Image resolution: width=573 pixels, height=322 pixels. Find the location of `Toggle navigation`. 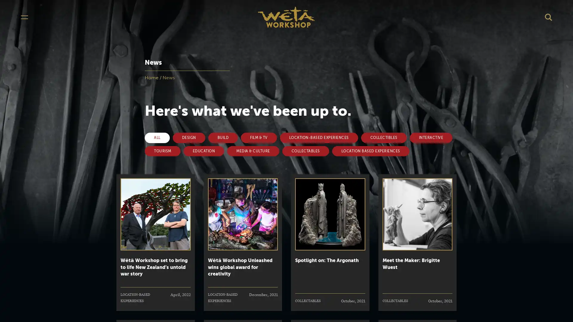

Toggle navigation is located at coordinates (24, 17).